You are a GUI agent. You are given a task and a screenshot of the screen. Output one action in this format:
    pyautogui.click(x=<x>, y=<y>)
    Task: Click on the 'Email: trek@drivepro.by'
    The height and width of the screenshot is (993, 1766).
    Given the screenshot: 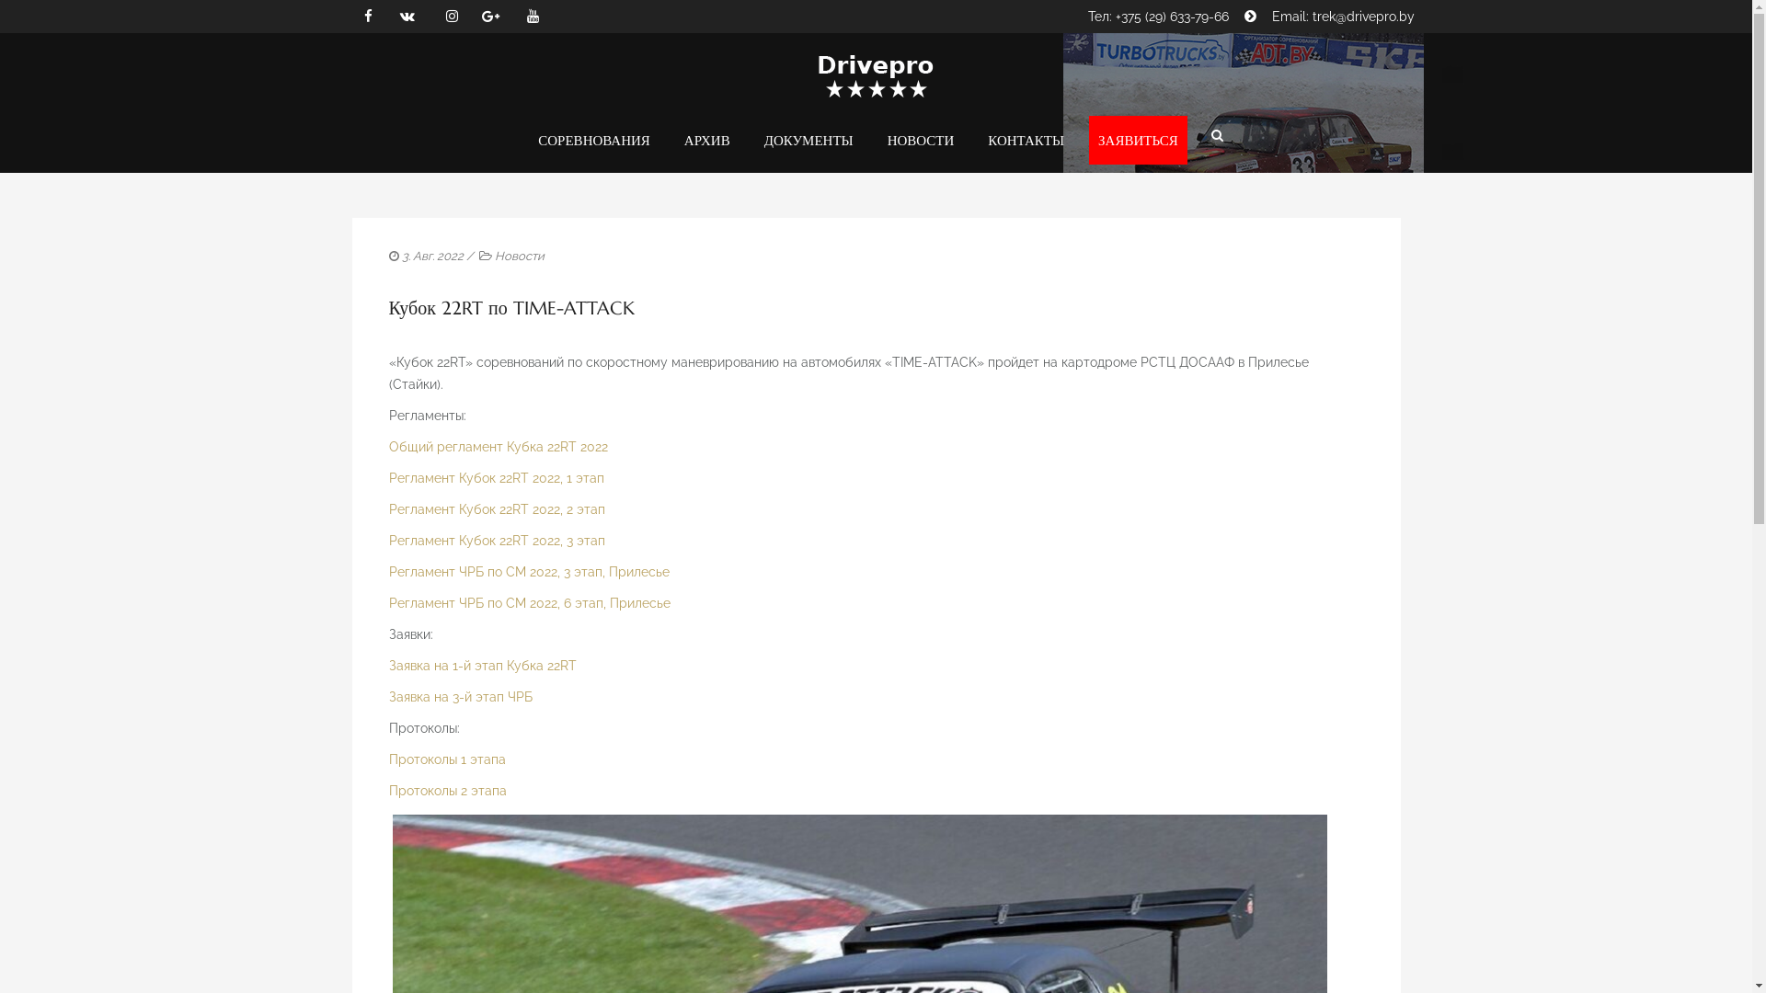 What is the action you would take?
    pyautogui.click(x=1270, y=17)
    